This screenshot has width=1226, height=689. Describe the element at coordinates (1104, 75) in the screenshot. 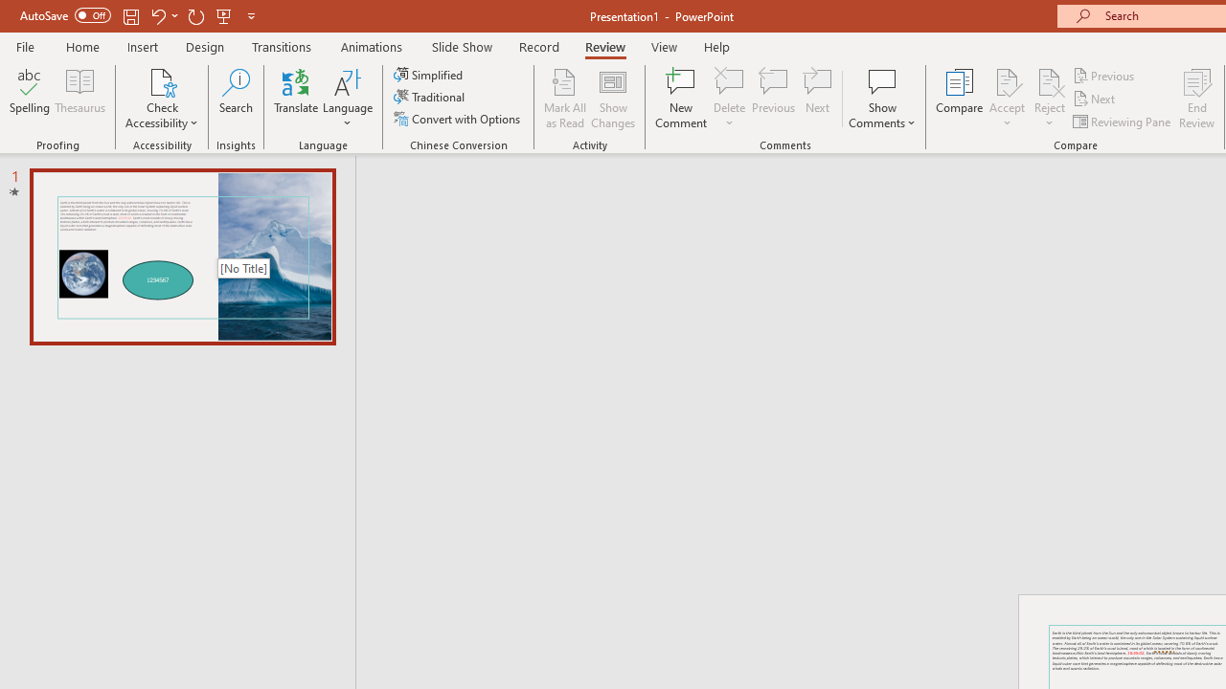

I see `'Previous'` at that location.